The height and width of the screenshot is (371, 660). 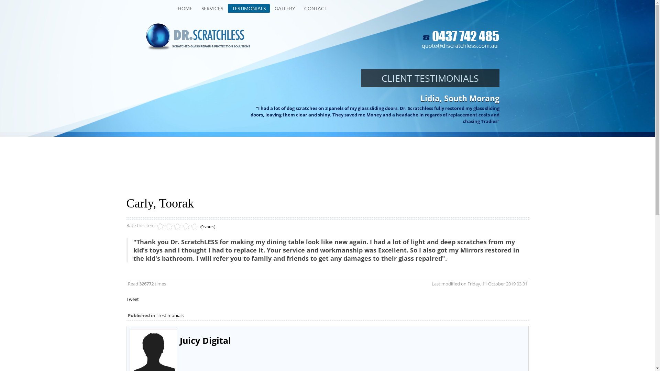 I want to click on '4', so click(x=173, y=226).